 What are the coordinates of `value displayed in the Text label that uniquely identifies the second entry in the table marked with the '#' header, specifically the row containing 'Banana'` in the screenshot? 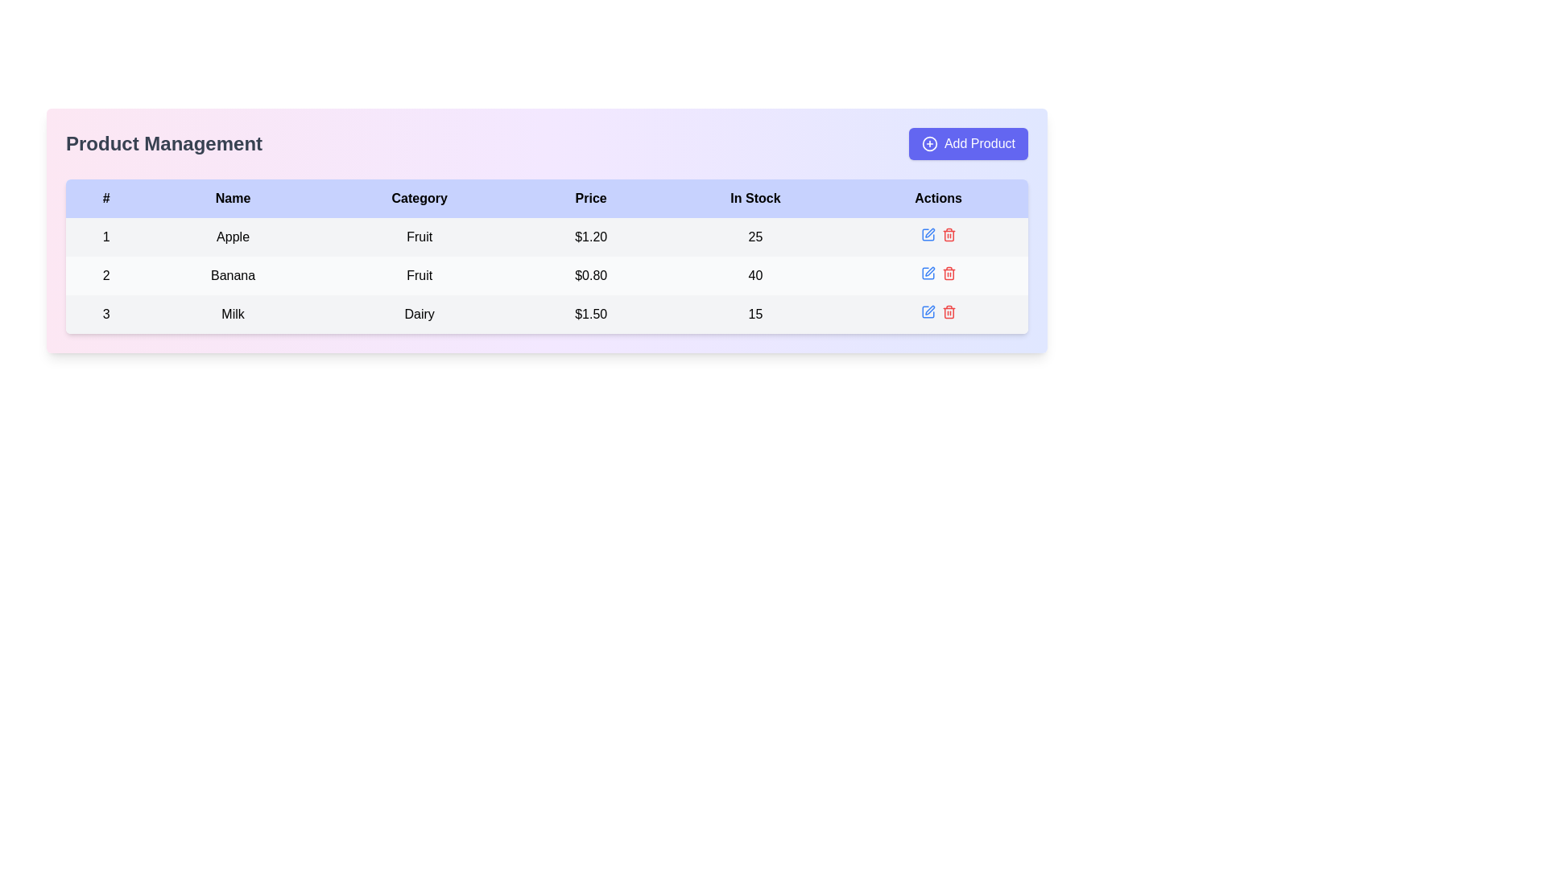 It's located at (105, 275).